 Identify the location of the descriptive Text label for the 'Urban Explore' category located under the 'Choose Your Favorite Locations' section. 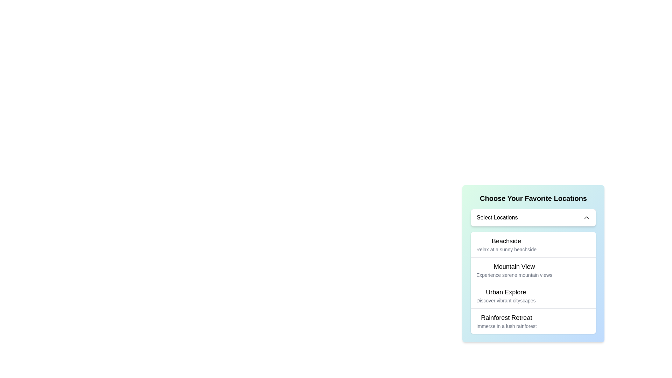
(506, 300).